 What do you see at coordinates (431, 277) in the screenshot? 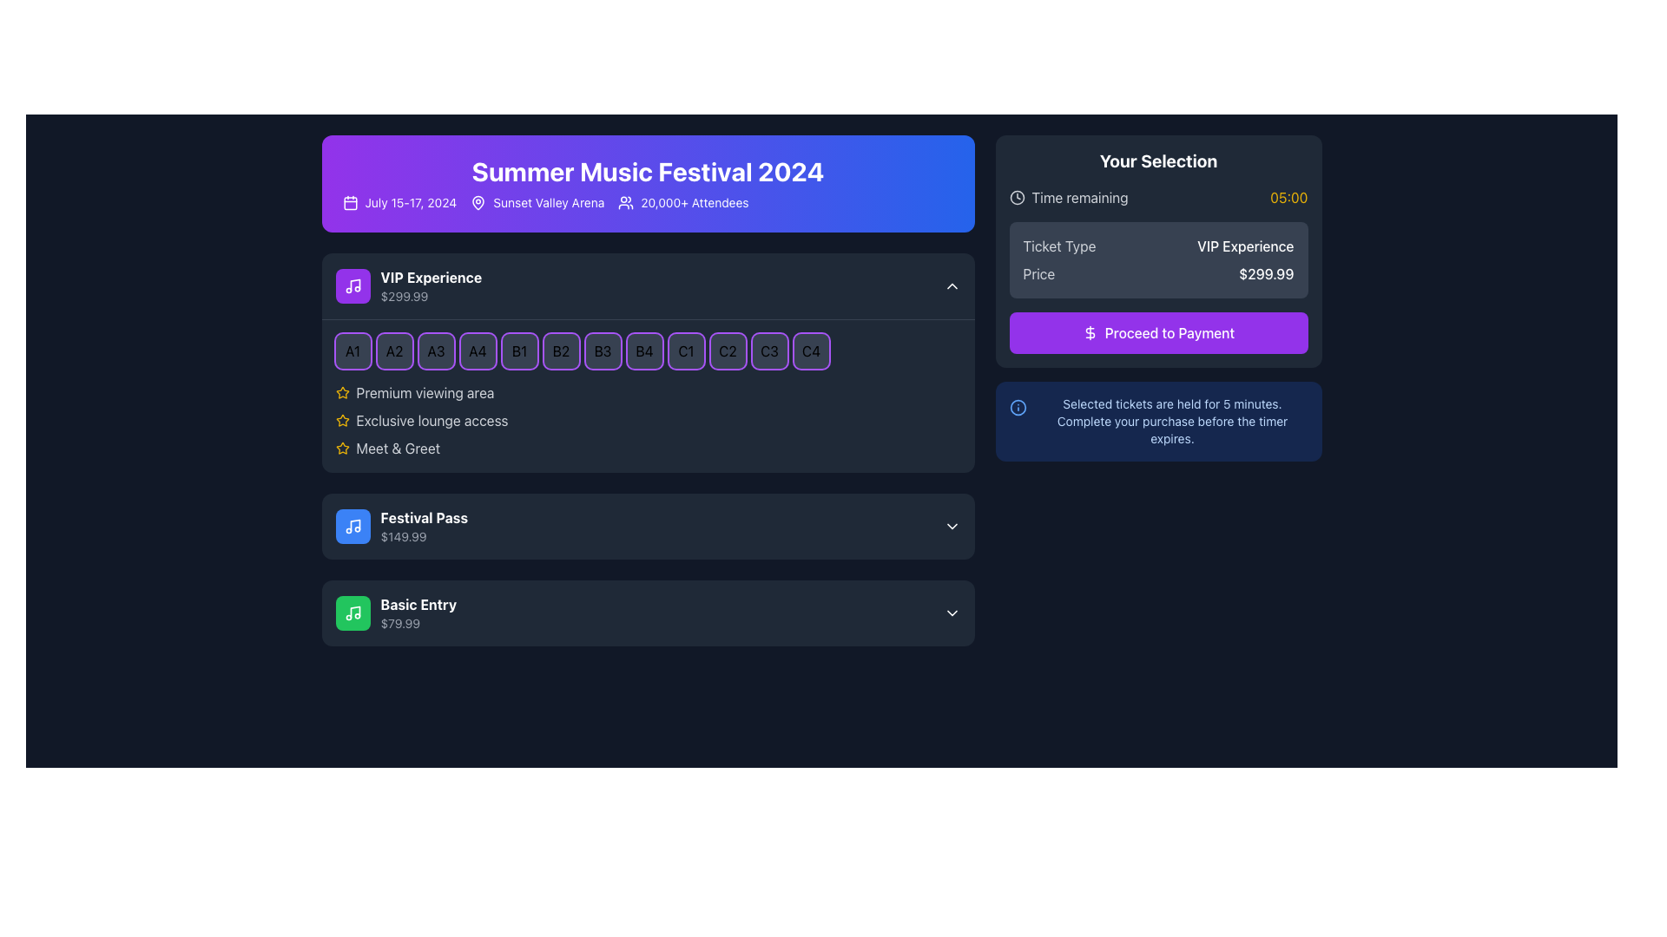
I see `the bold-text label reading 'VIP Experience' at the top of the event ticket card` at bounding box center [431, 277].